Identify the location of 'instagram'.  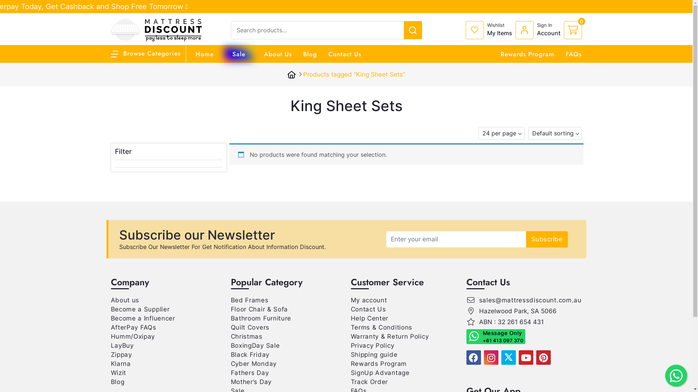
(490, 357).